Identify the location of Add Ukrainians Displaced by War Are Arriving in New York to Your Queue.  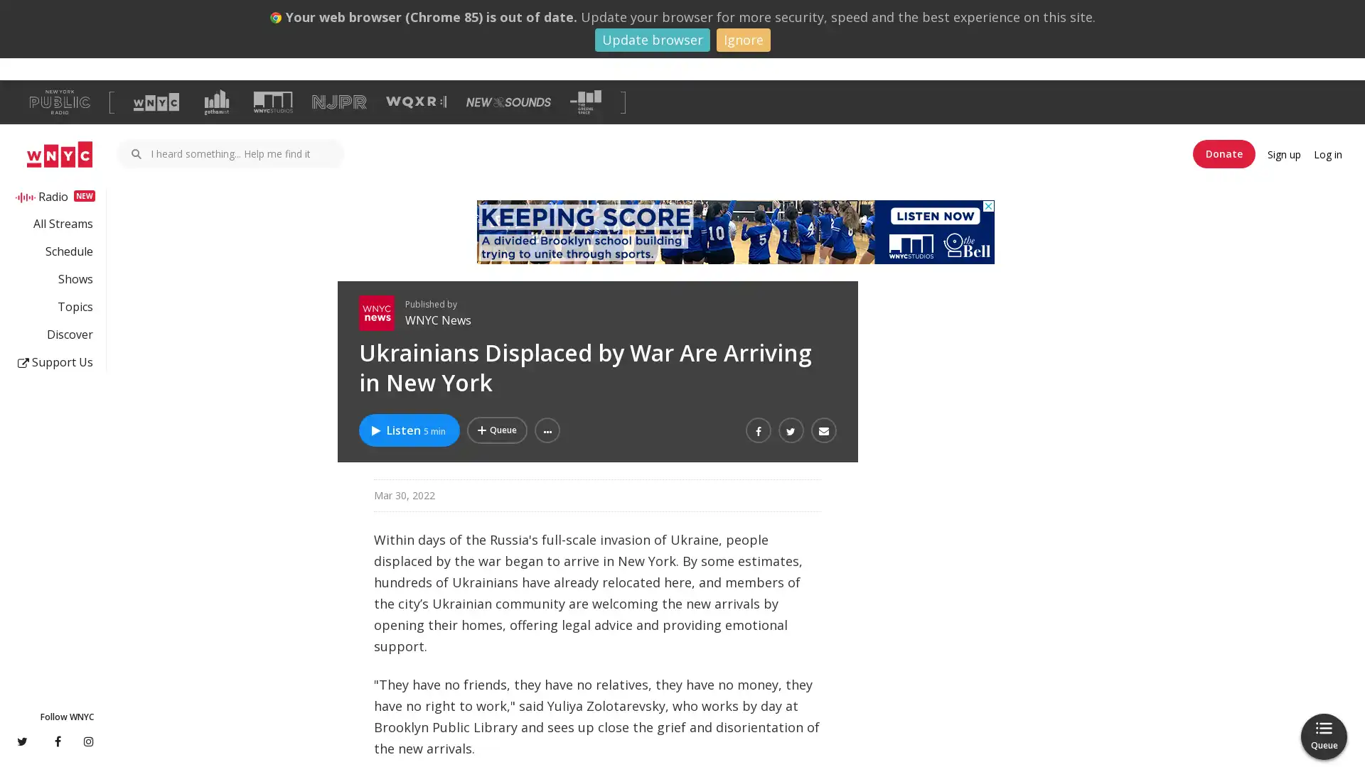
(497, 429).